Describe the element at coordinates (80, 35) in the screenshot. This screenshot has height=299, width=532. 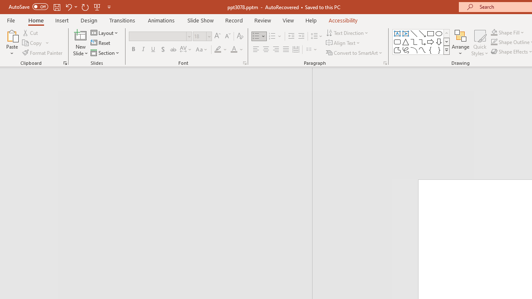
I see `'New Slide'` at that location.